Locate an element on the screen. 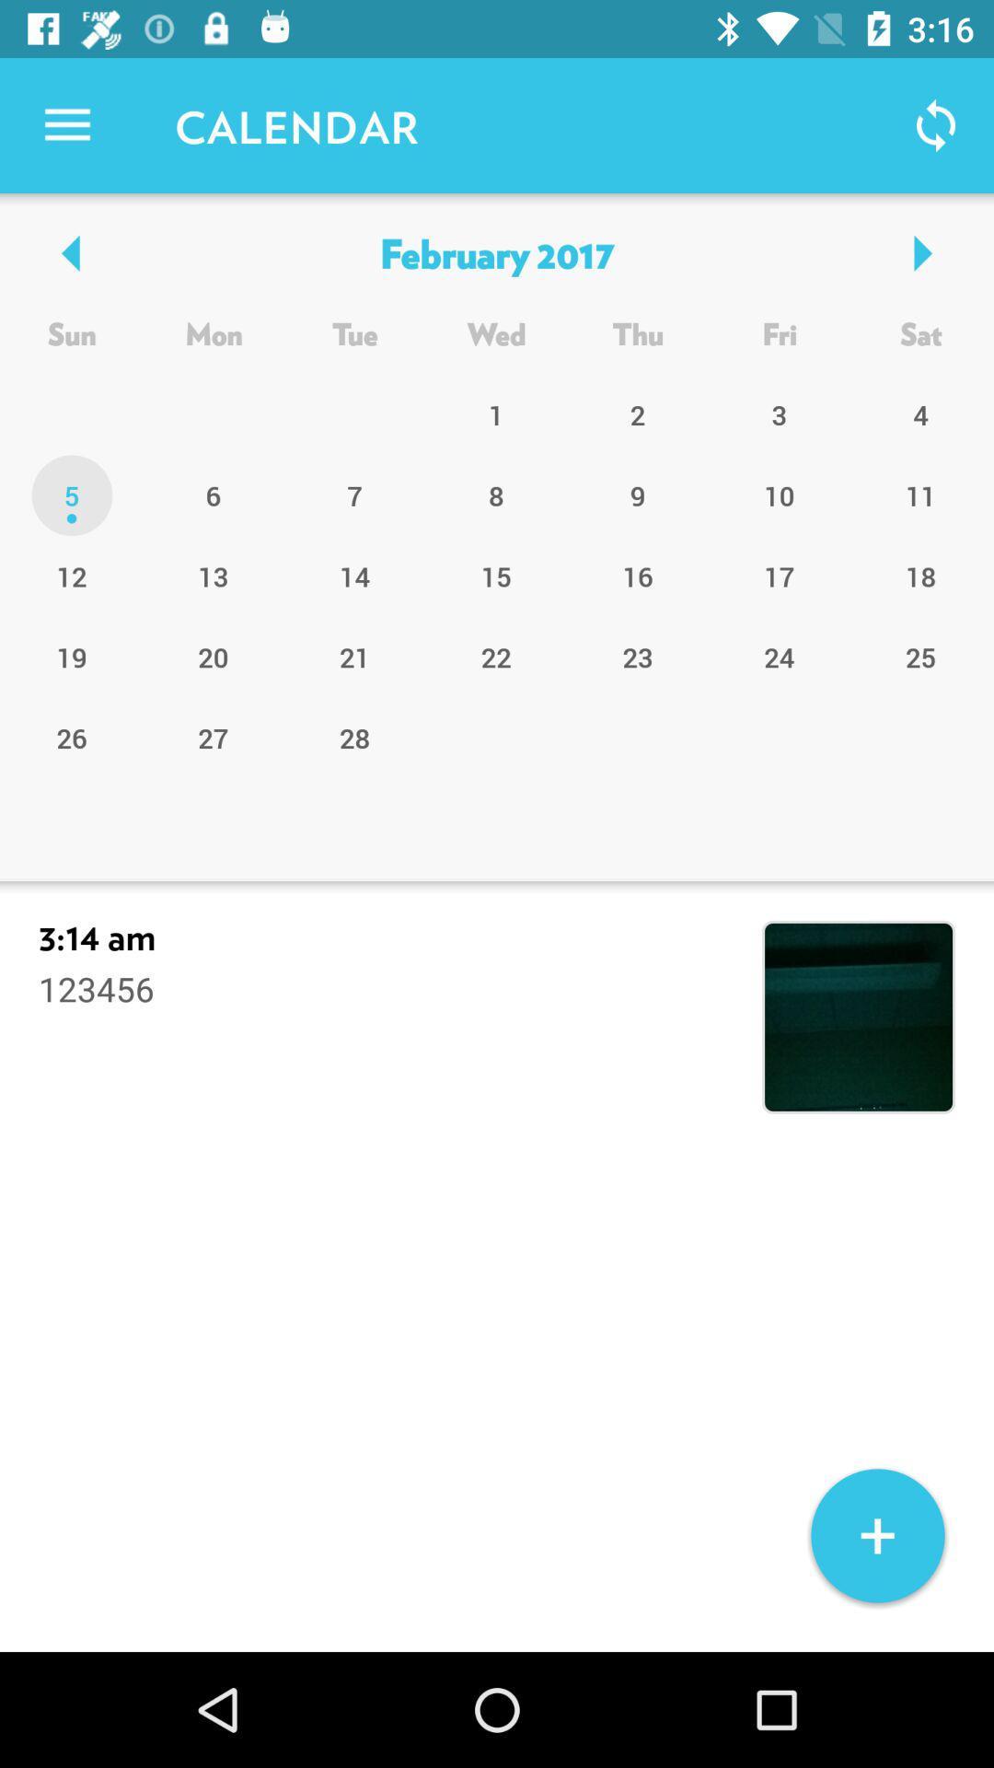 The width and height of the screenshot is (994, 1768). 9 item is located at coordinates (637, 495).